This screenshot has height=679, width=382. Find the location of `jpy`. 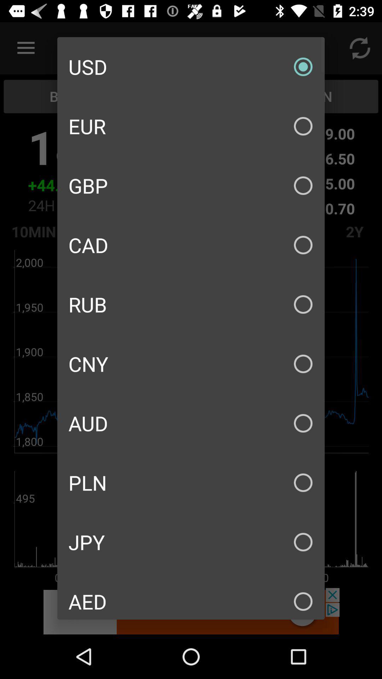

jpy is located at coordinates (191, 541).